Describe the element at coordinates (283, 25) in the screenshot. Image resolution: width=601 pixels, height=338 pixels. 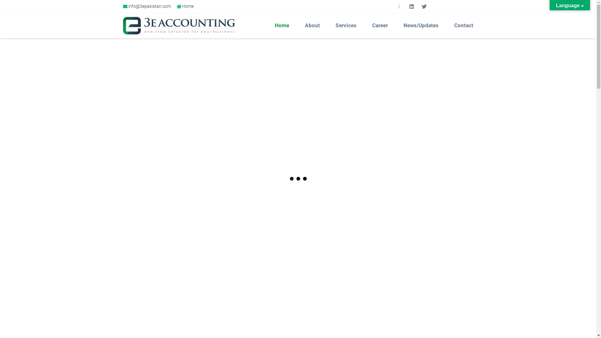
I see `'Home'` at that location.